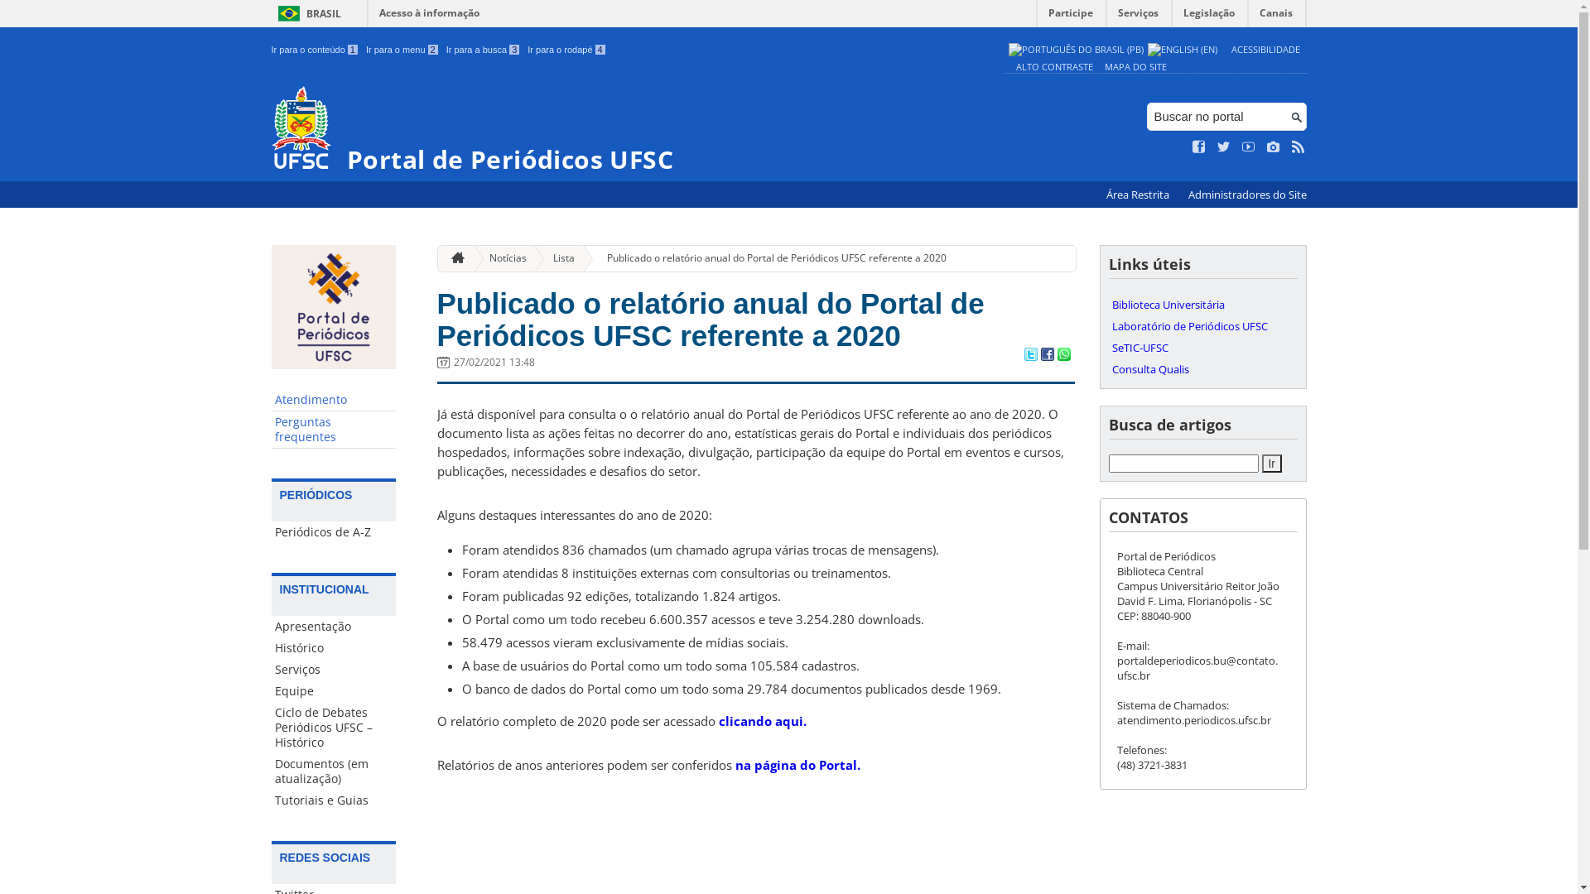 The image size is (1590, 894). I want to click on 'ALTO CONTRASTE', so click(1014, 65).